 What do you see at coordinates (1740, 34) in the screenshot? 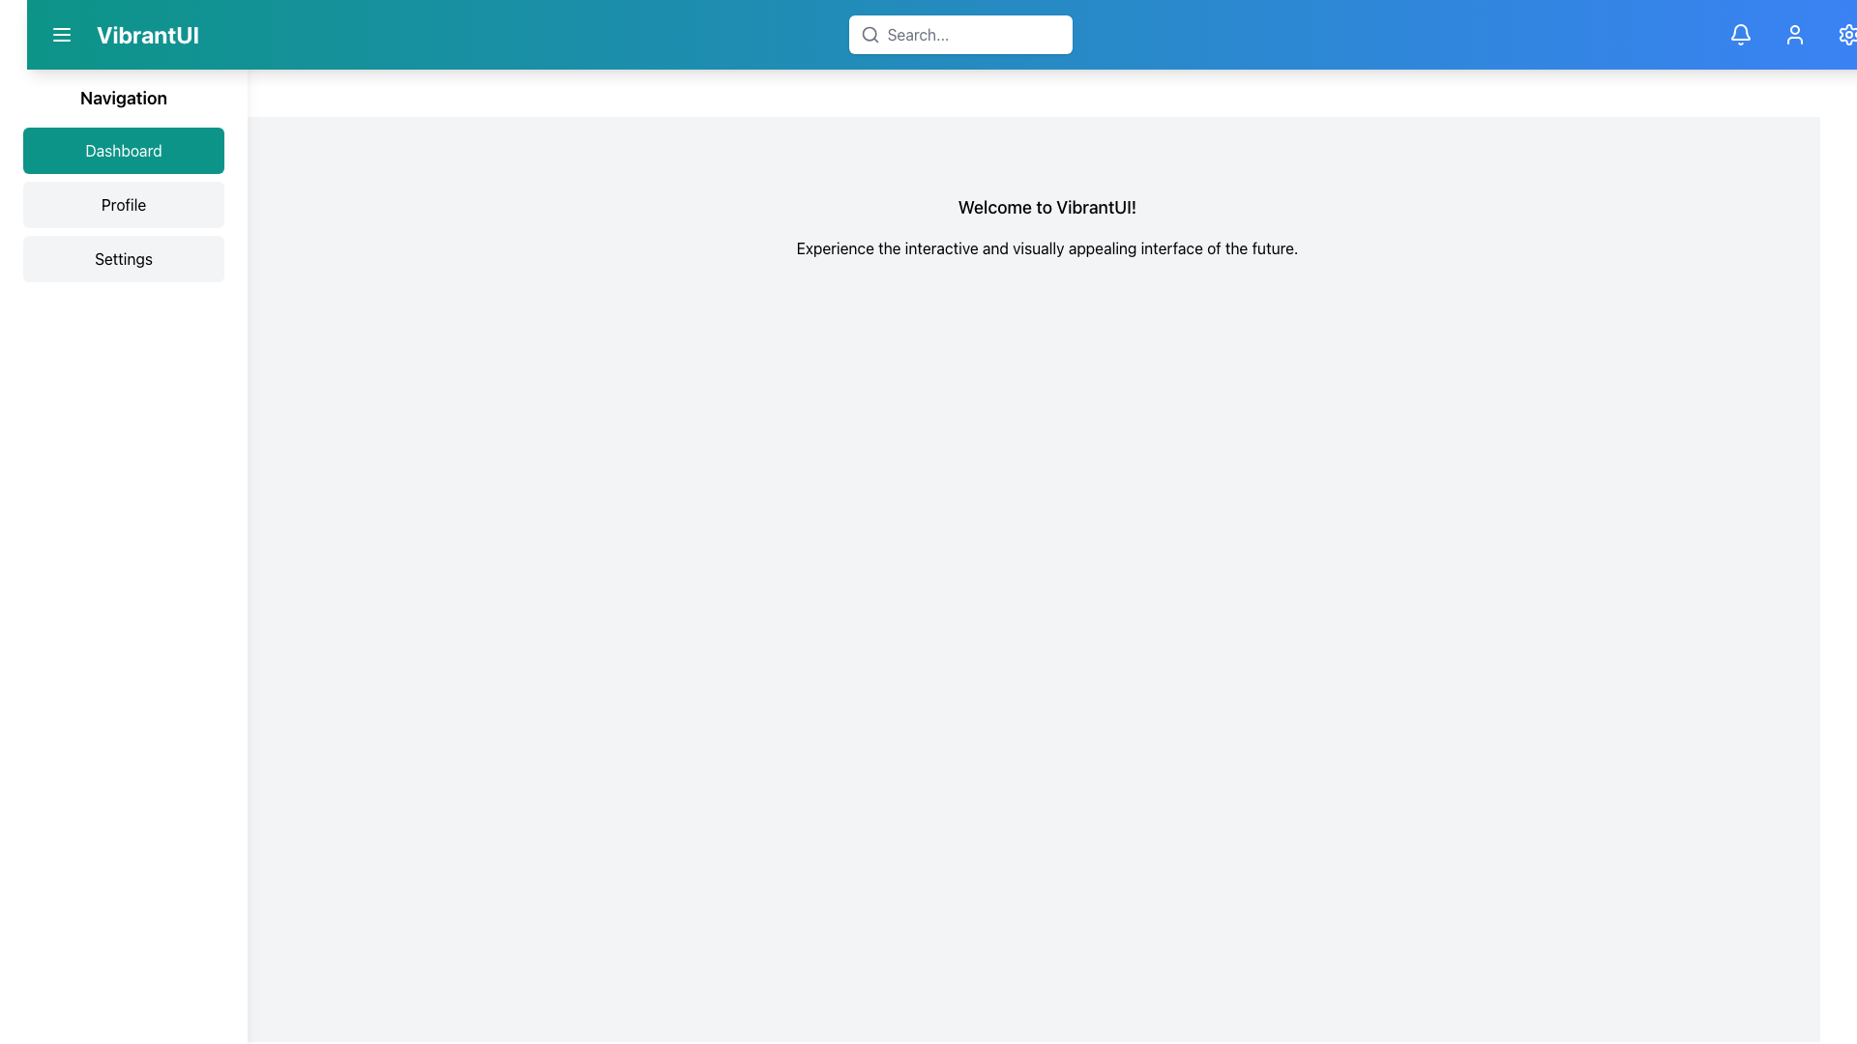
I see `the bell icon located in the top-right corner of the user interface` at bounding box center [1740, 34].